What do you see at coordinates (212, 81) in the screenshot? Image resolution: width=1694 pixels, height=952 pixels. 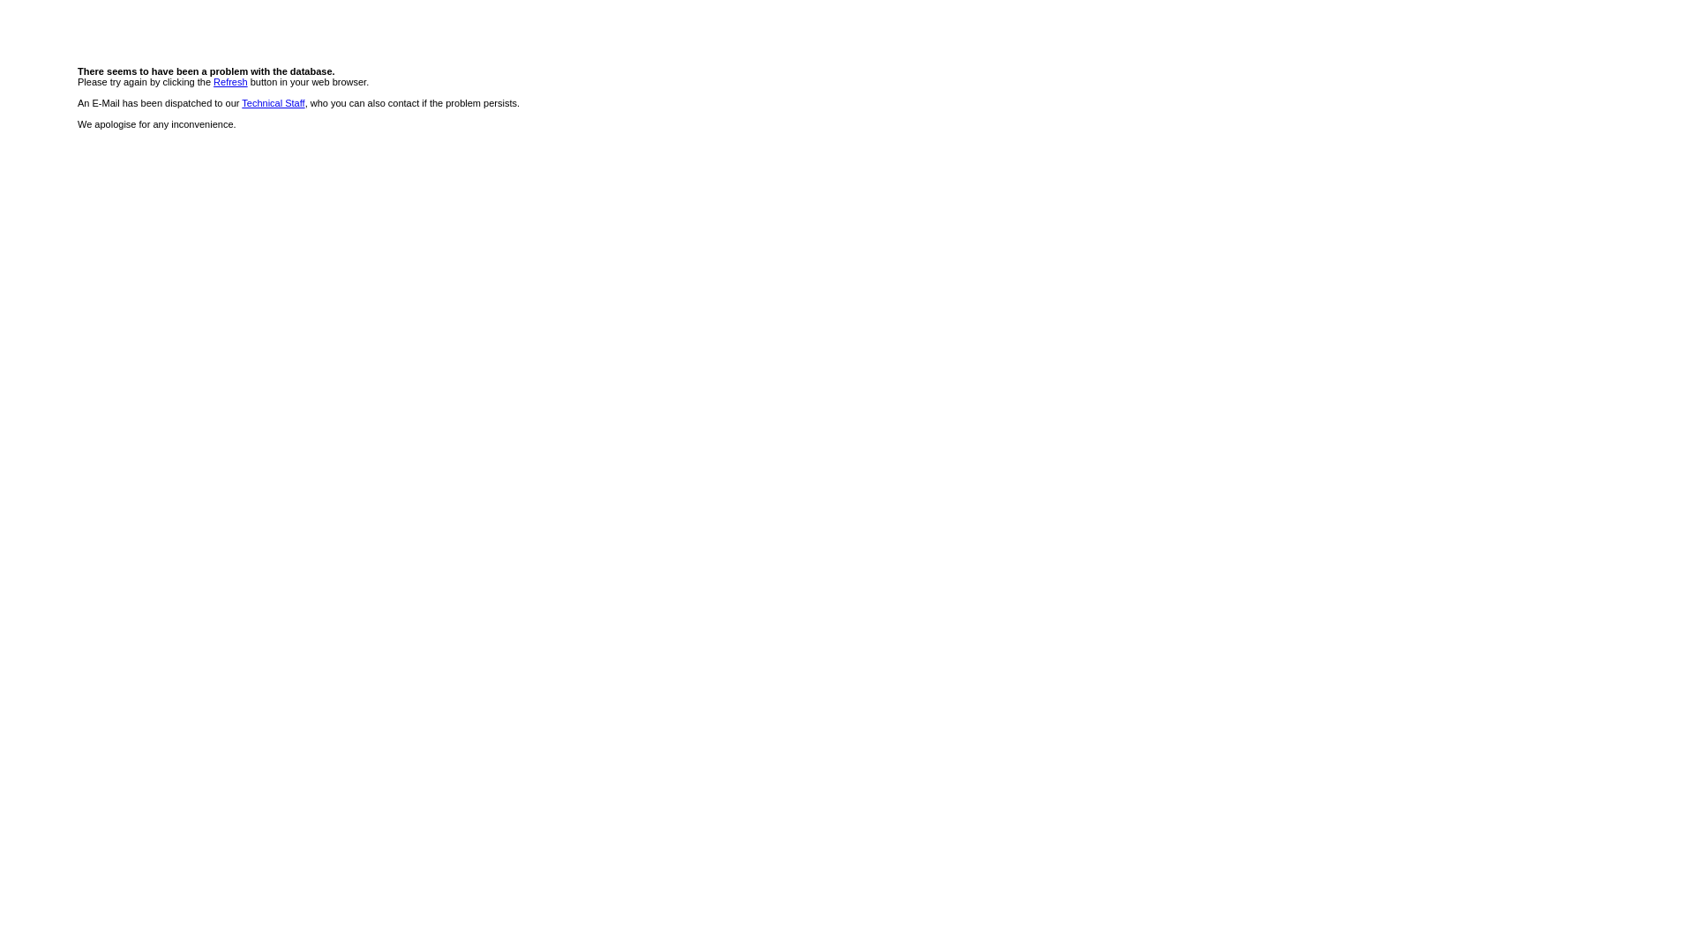 I see `'Refresh'` at bounding box center [212, 81].